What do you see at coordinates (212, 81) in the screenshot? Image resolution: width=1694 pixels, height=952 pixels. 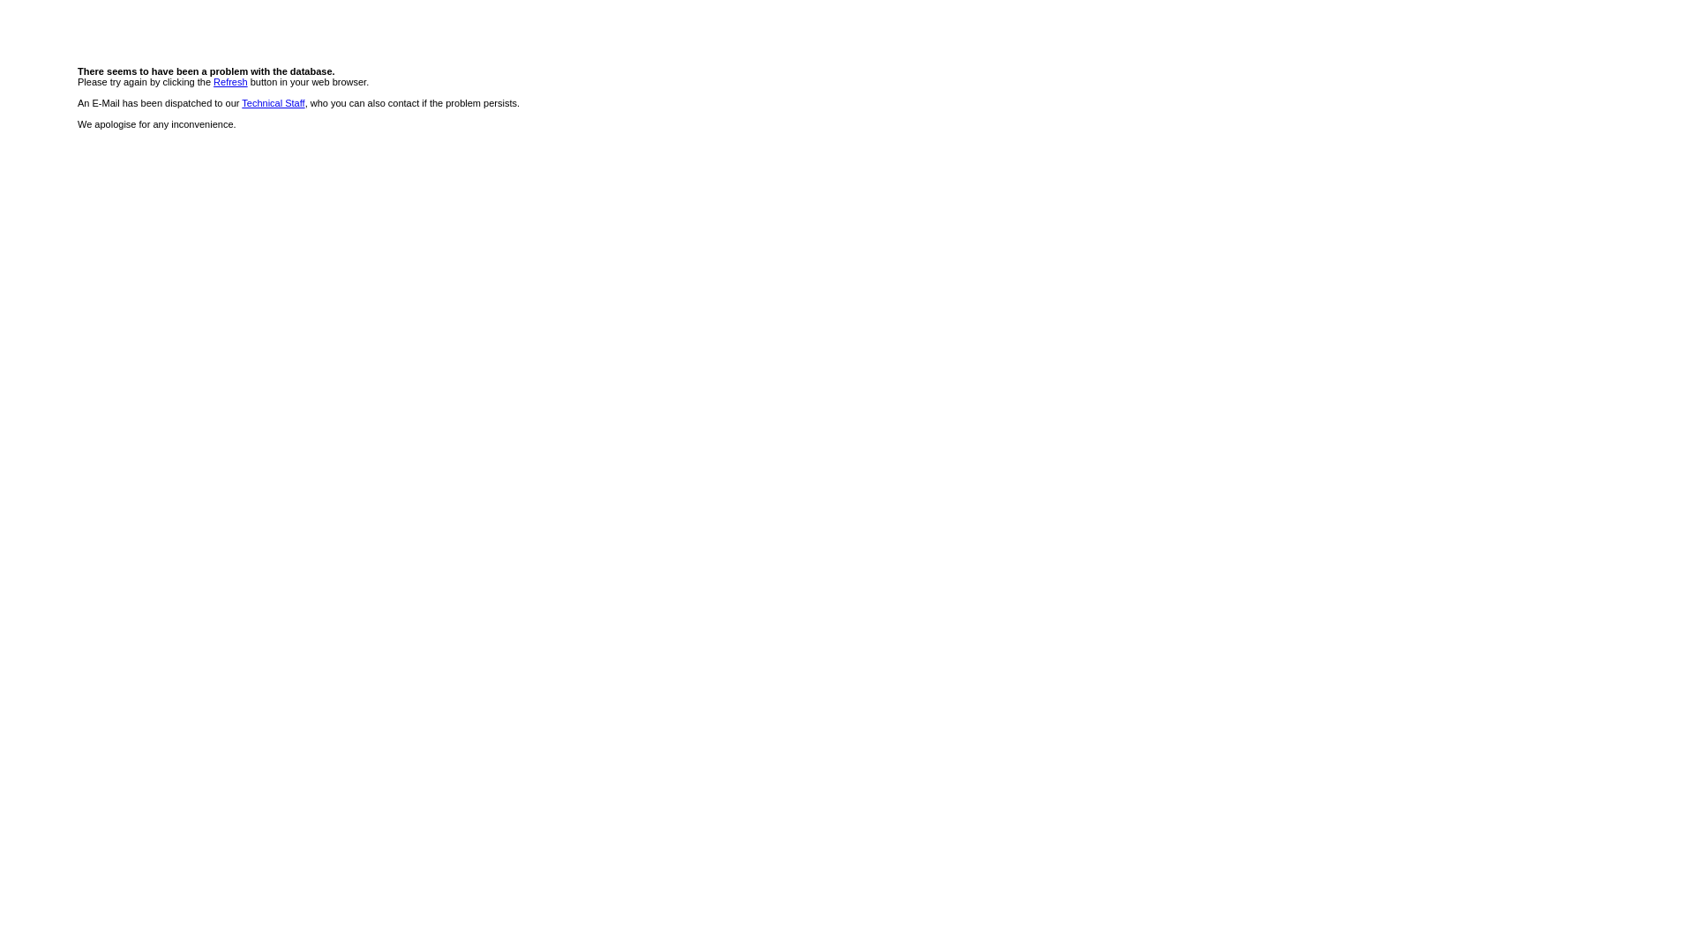 I see `'Refresh'` at bounding box center [212, 81].